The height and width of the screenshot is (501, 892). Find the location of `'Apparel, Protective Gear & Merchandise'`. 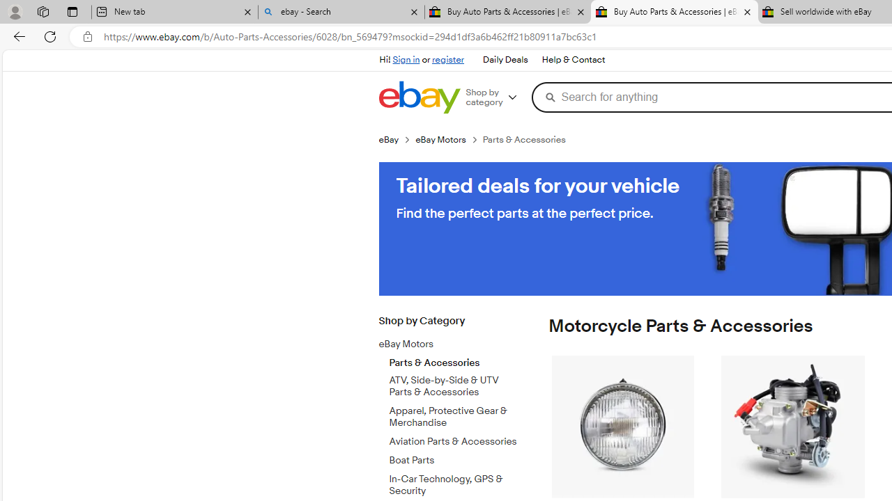

'Apparel, Protective Gear & Merchandise' is located at coordinates (455, 416).